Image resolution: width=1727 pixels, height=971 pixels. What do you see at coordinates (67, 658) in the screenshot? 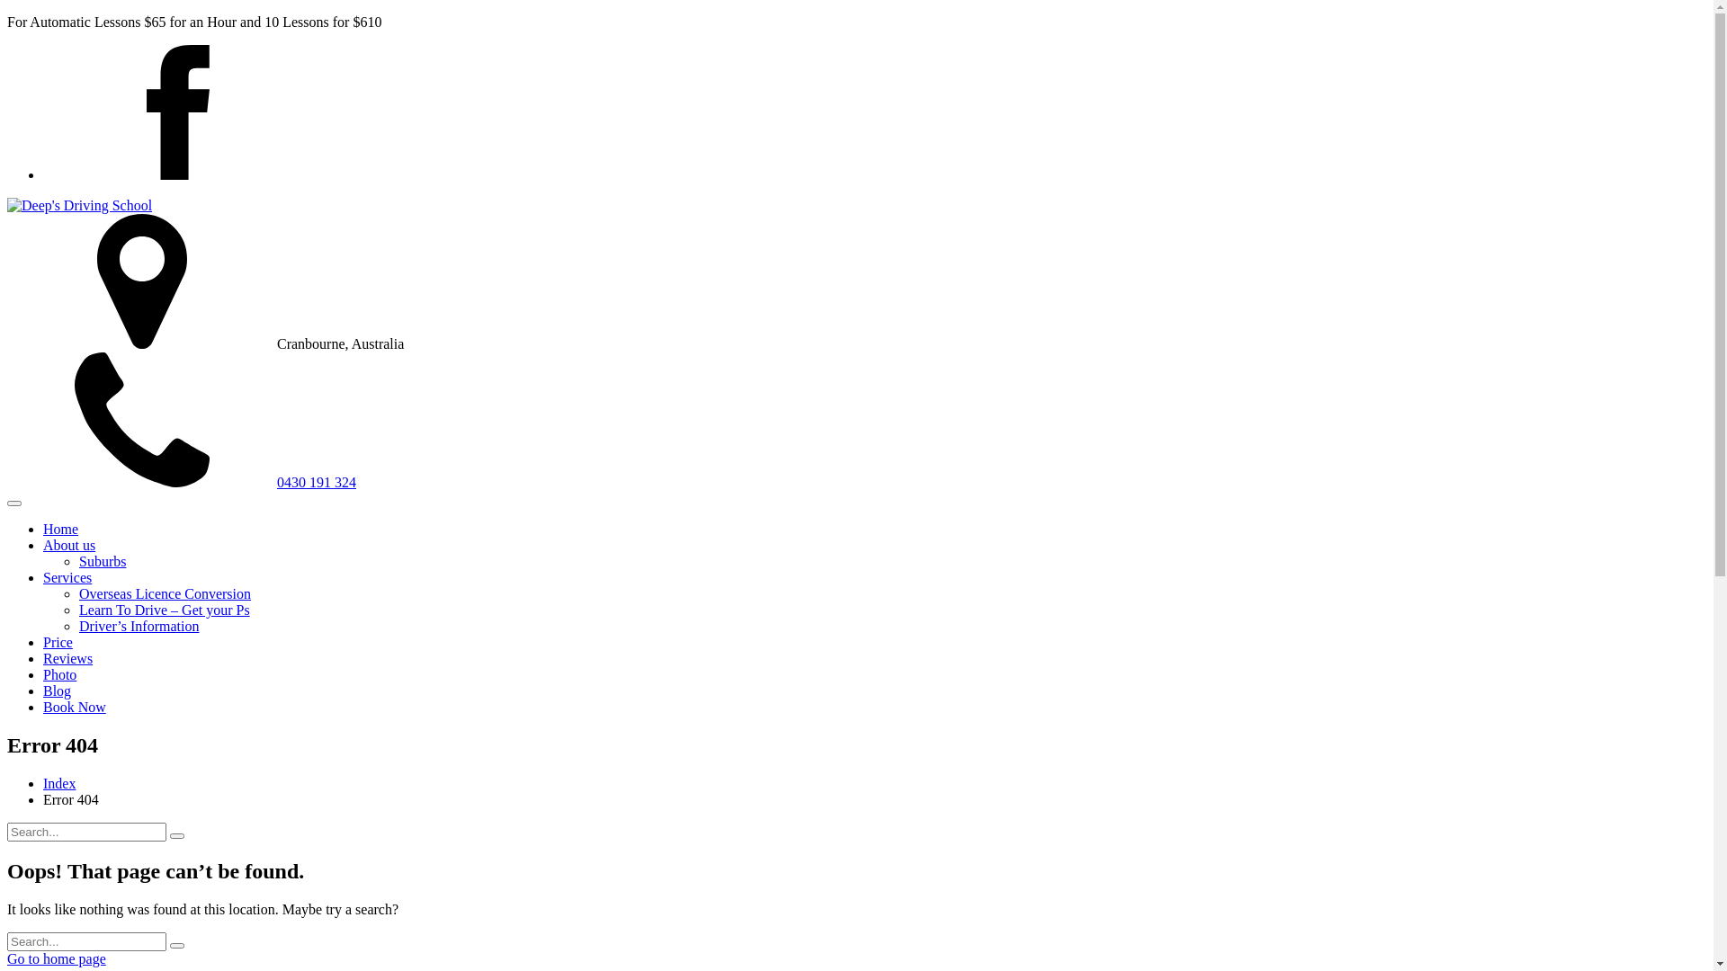
I see `'Reviews'` at bounding box center [67, 658].